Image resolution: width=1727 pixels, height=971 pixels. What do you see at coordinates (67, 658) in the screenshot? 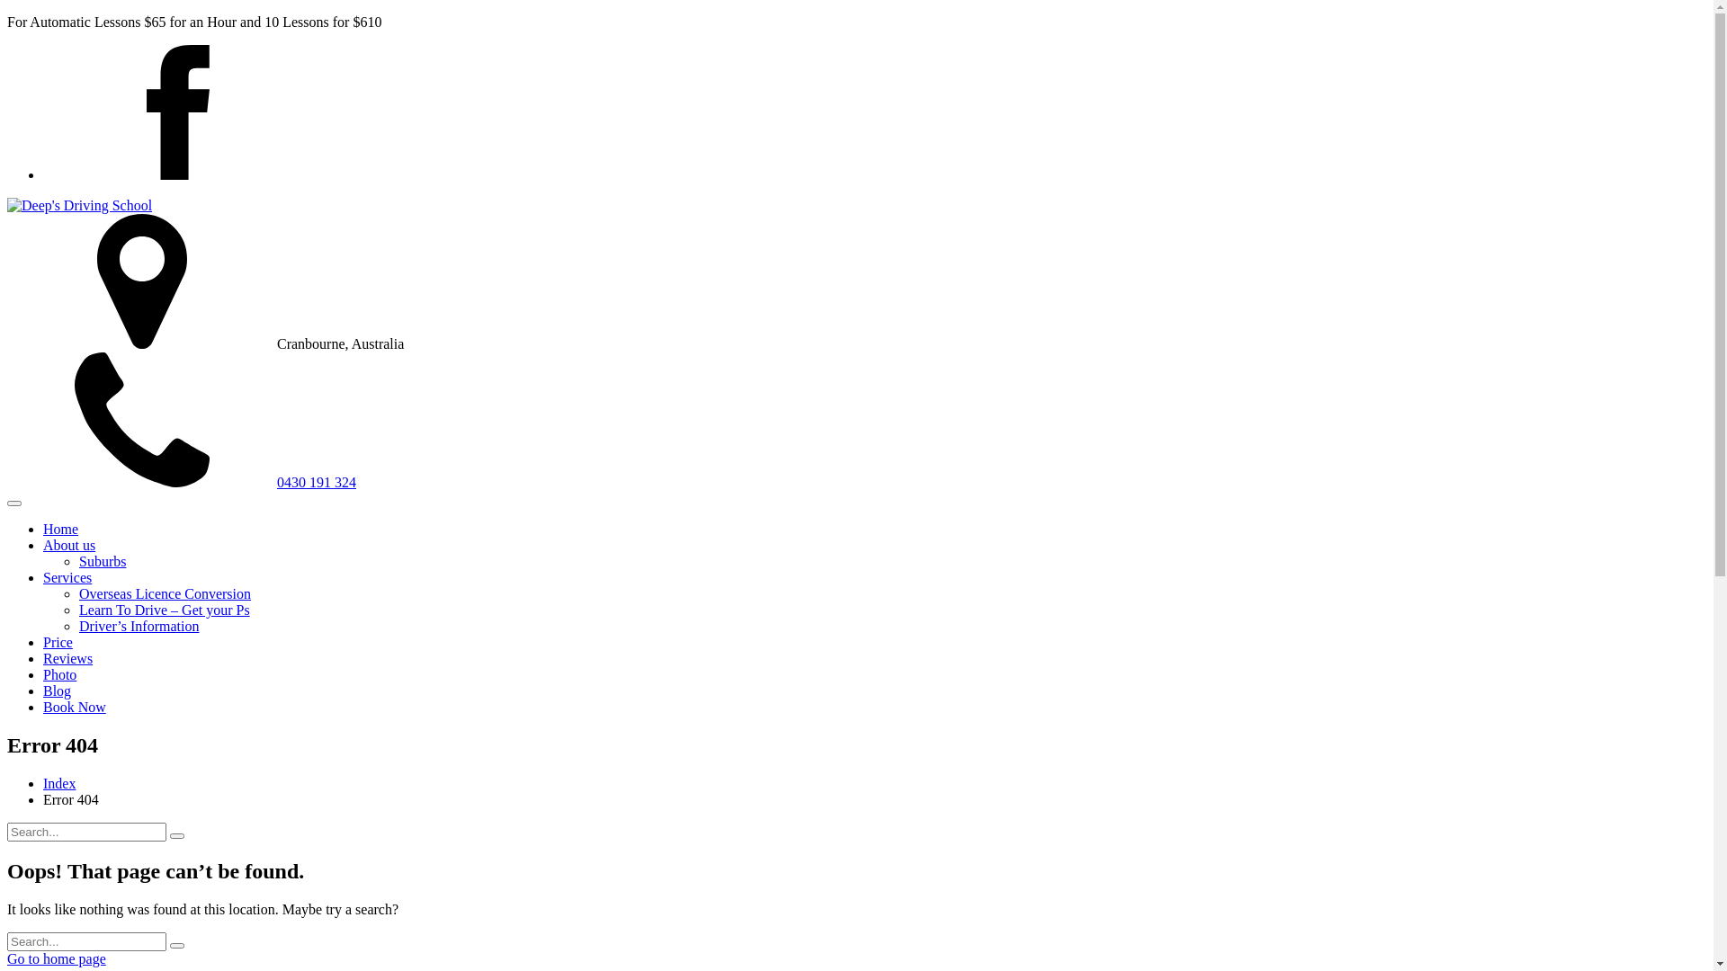
I see `'Reviews'` at bounding box center [67, 658].